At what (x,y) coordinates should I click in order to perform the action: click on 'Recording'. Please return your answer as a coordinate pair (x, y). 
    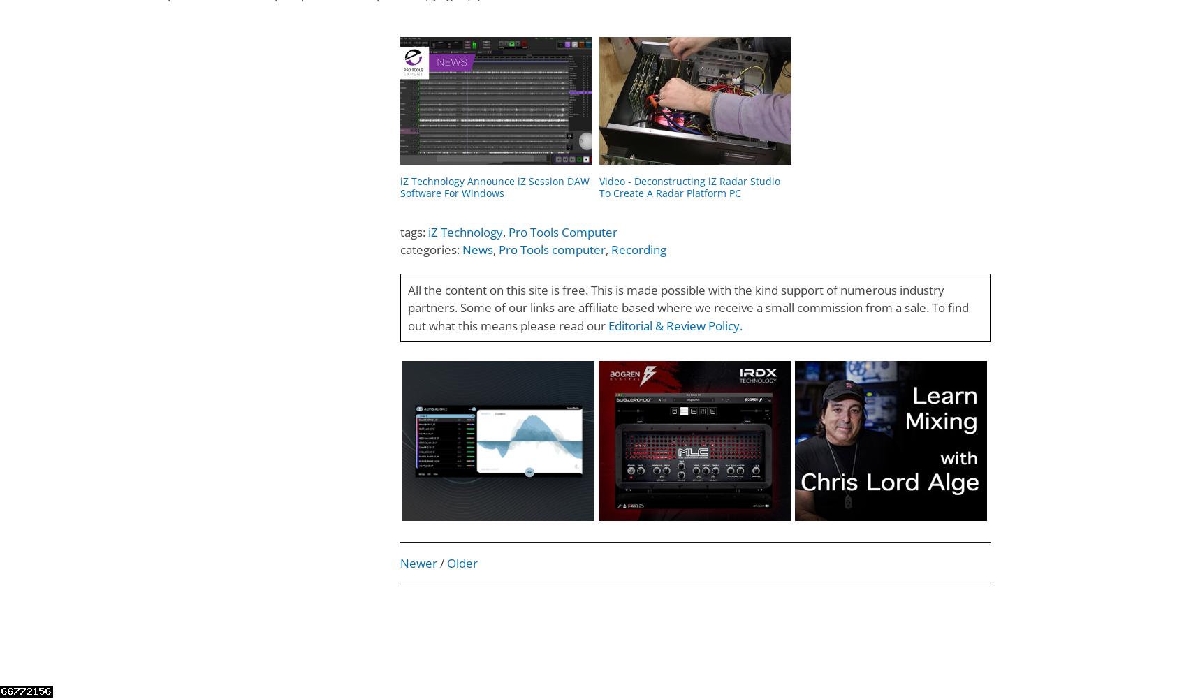
    Looking at the image, I should click on (610, 249).